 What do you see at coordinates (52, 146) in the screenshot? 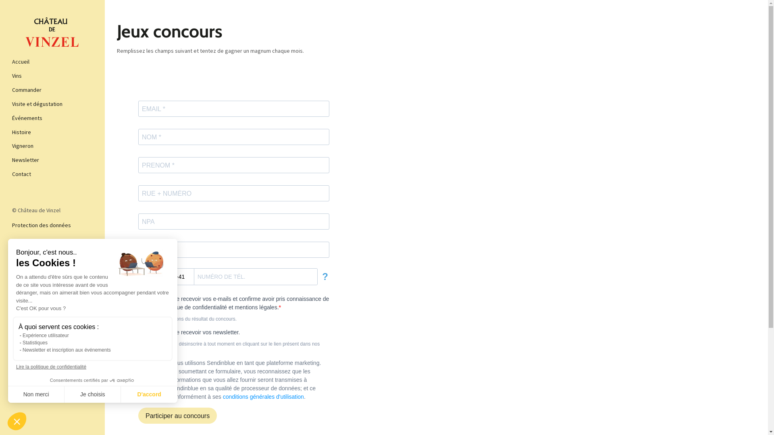
I see `'Vigneron'` at bounding box center [52, 146].